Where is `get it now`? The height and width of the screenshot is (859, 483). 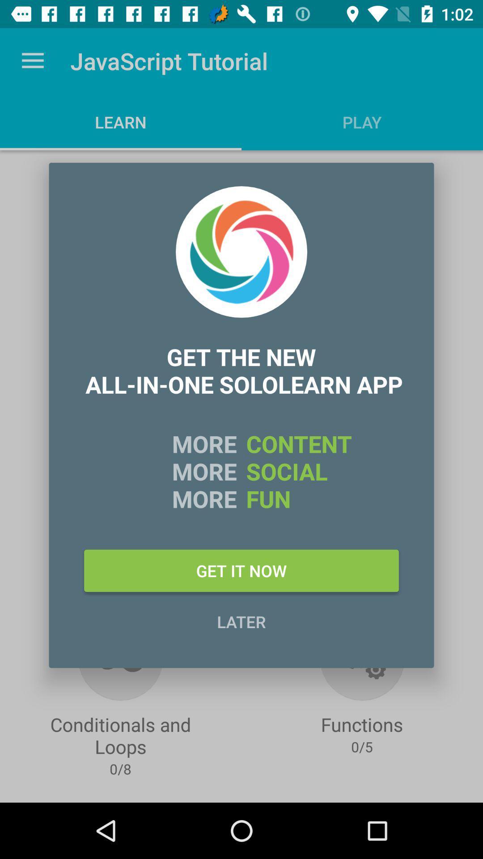
get it now is located at coordinates (241, 570).